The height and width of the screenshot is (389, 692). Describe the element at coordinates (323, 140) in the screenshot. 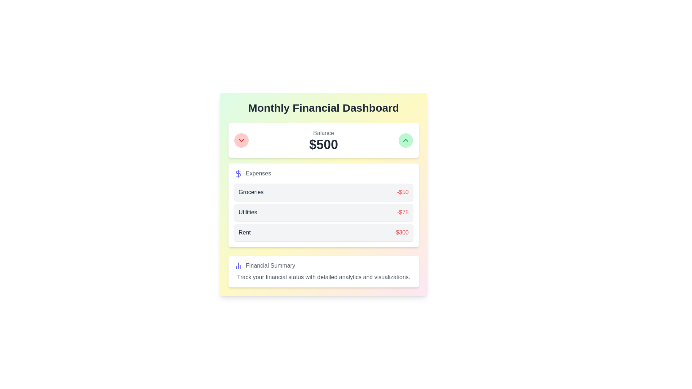

I see `the text label displaying the current balance of $500 in the Monthly Financial Dashboard card` at that location.